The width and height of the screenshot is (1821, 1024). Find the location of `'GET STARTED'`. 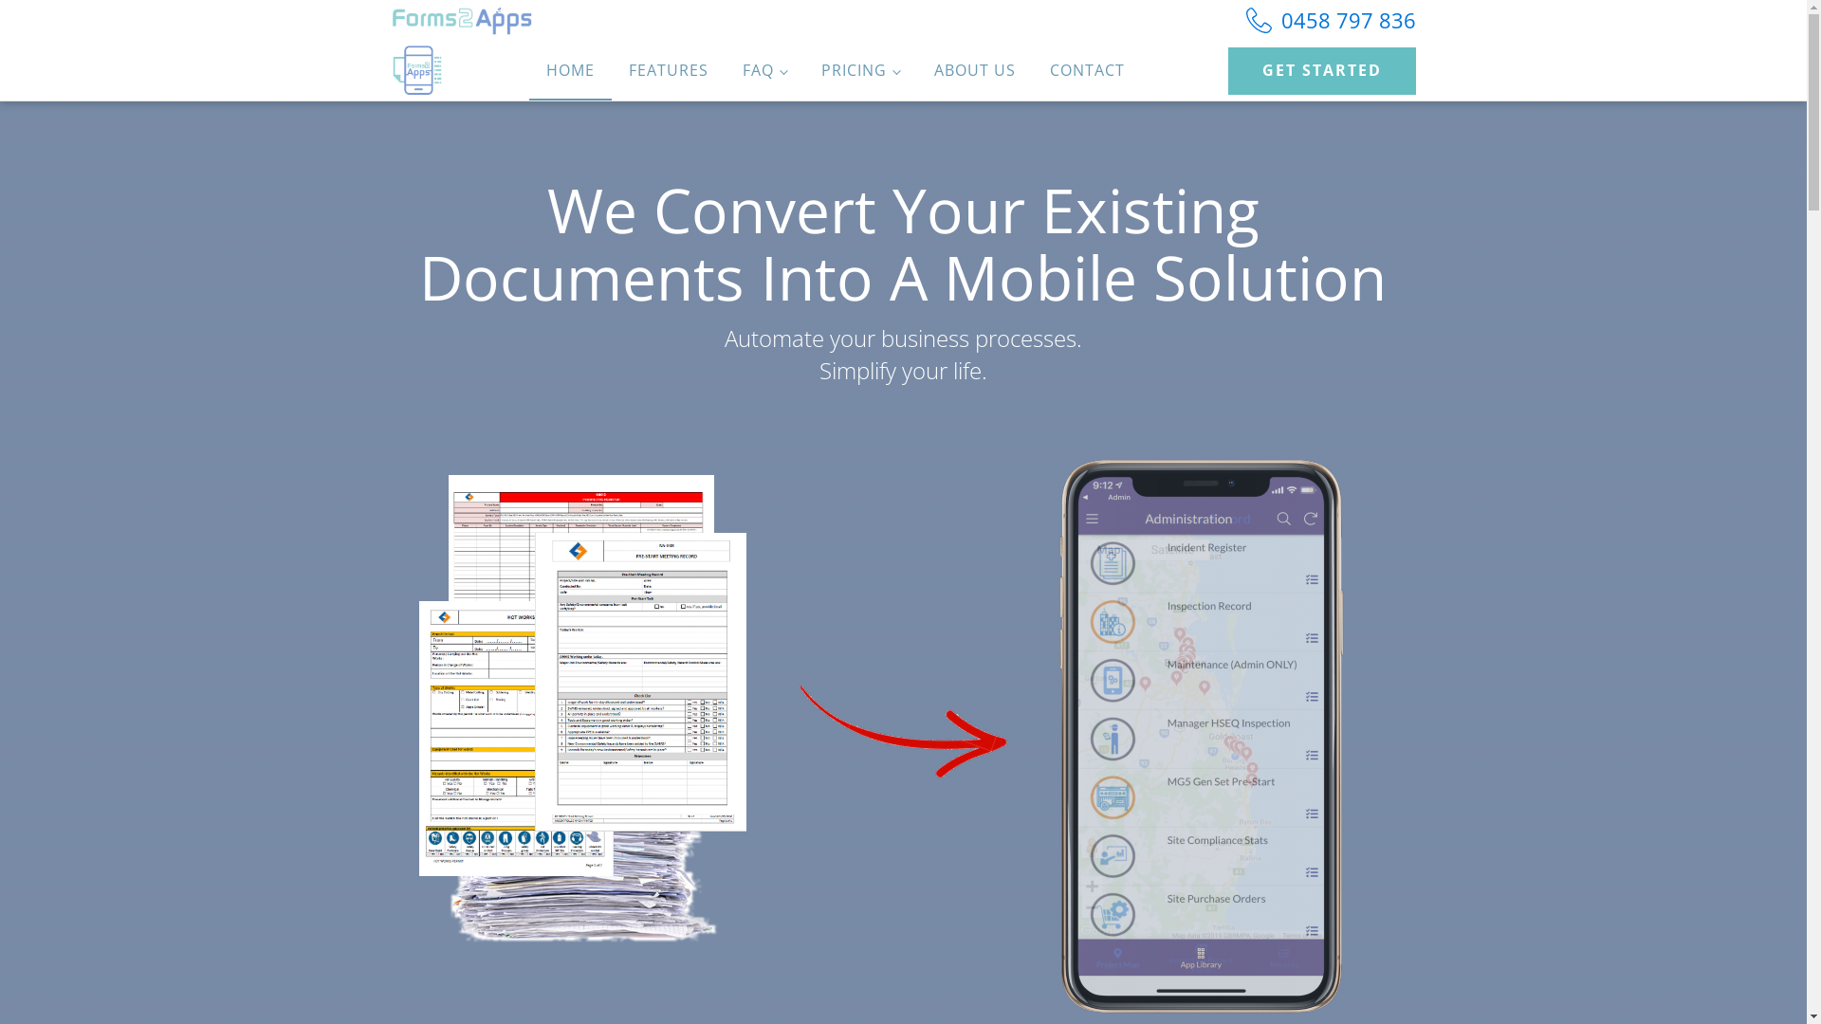

'GET STARTED' is located at coordinates (1319, 69).